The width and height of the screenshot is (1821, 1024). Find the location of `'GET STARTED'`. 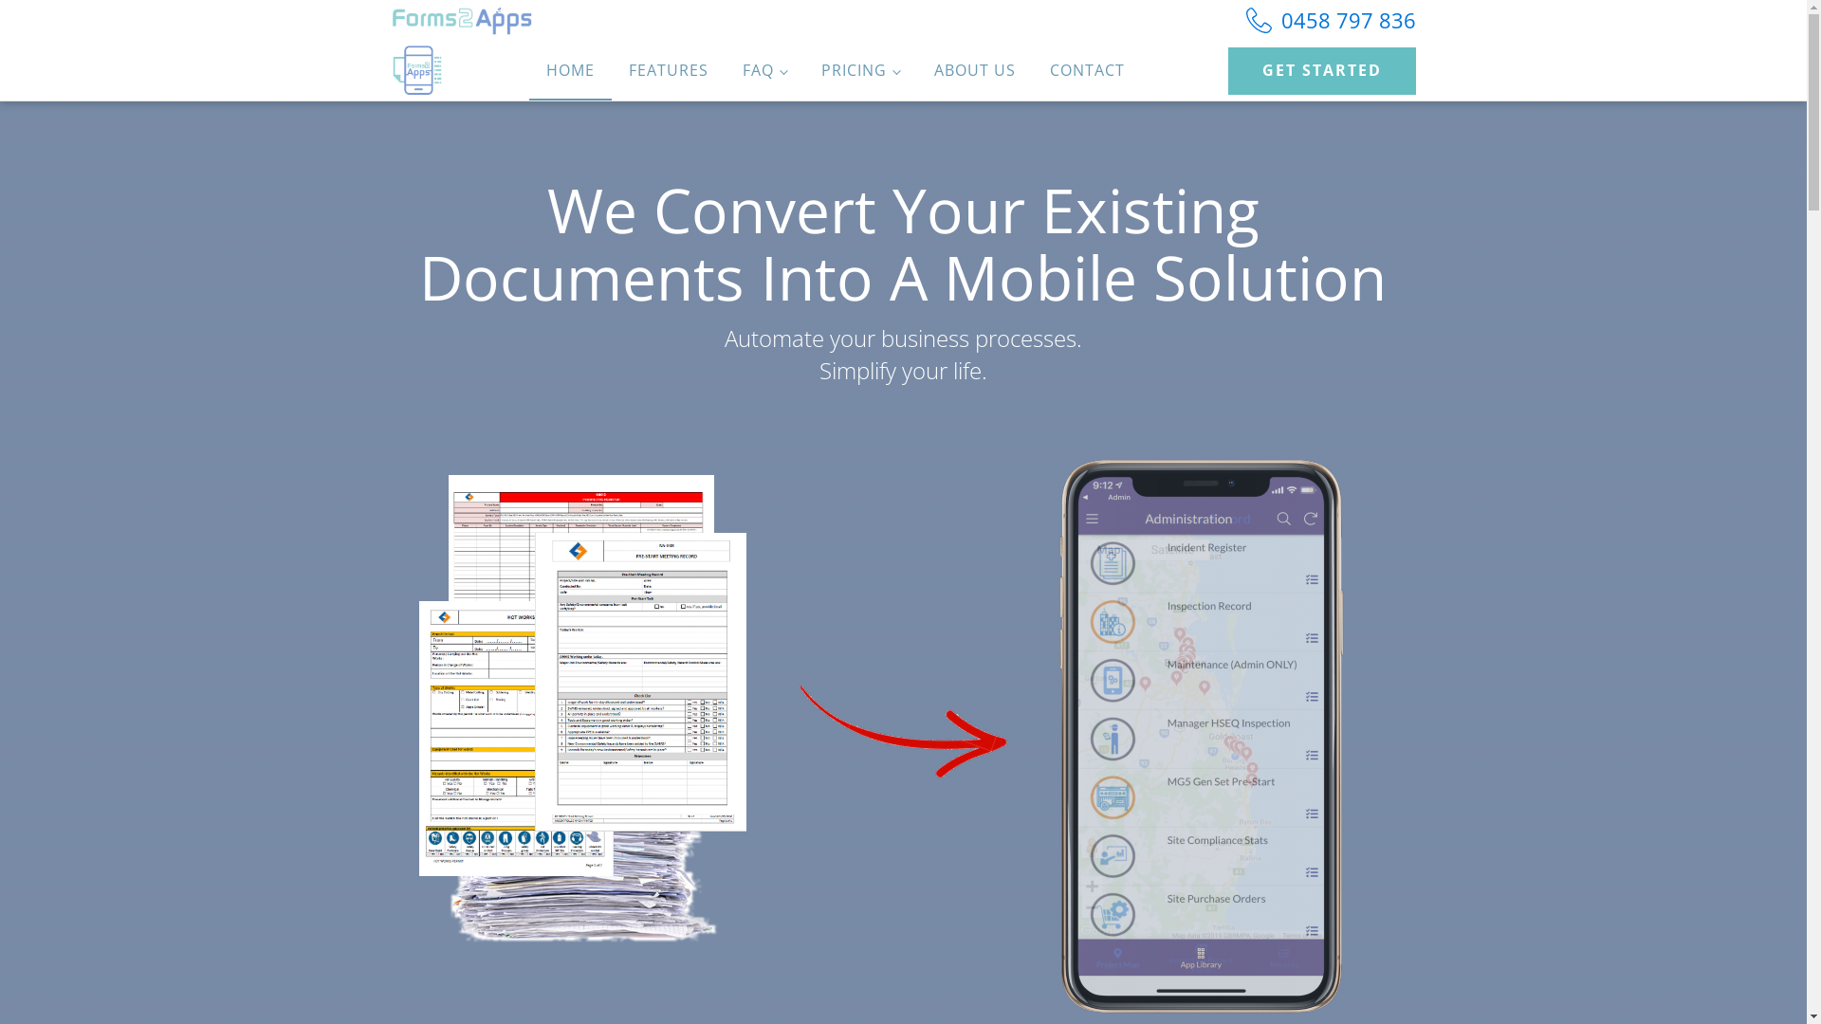

'GET STARTED' is located at coordinates (1319, 69).